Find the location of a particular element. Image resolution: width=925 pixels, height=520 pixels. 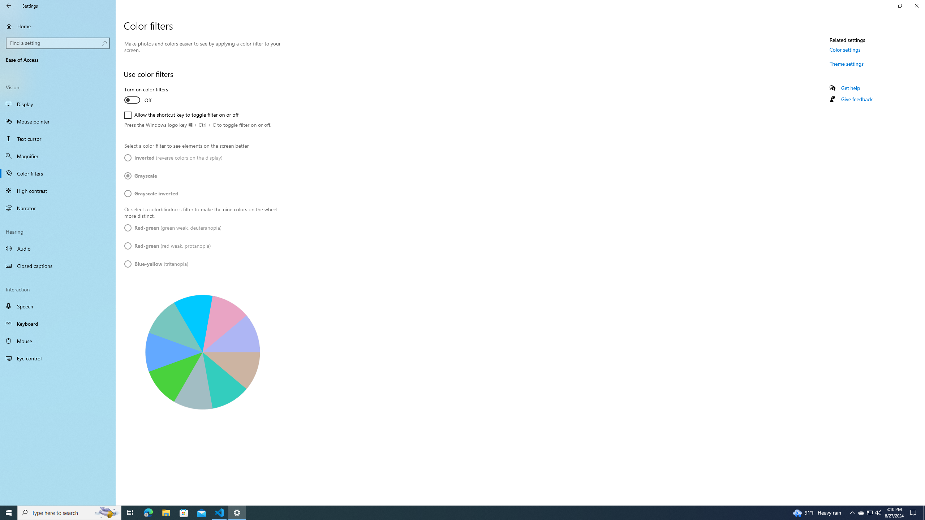

'Home' is located at coordinates (57, 26).